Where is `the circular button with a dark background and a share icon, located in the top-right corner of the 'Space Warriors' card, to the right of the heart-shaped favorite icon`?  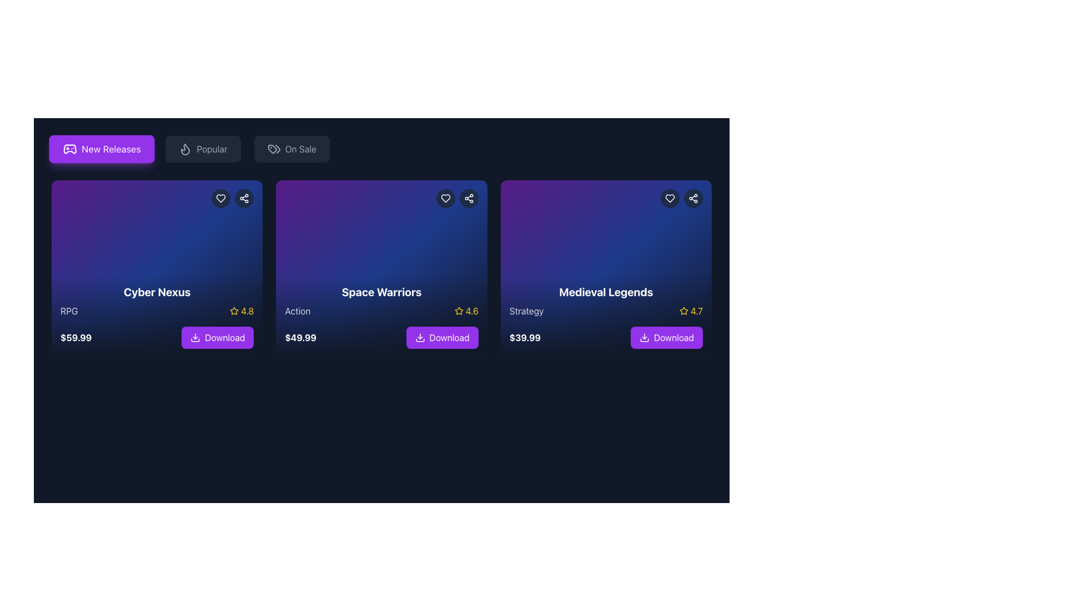 the circular button with a dark background and a share icon, located in the top-right corner of the 'Space Warriors' card, to the right of the heart-shaped favorite icon is located at coordinates (469, 198).